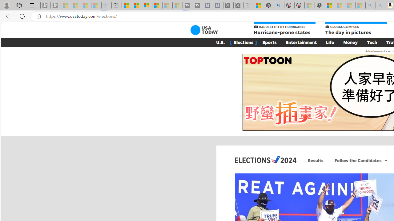  What do you see at coordinates (385, 160) in the screenshot?
I see `'Class: gnt_sn_a_svg gnt_sn_a__db_svg'` at bounding box center [385, 160].